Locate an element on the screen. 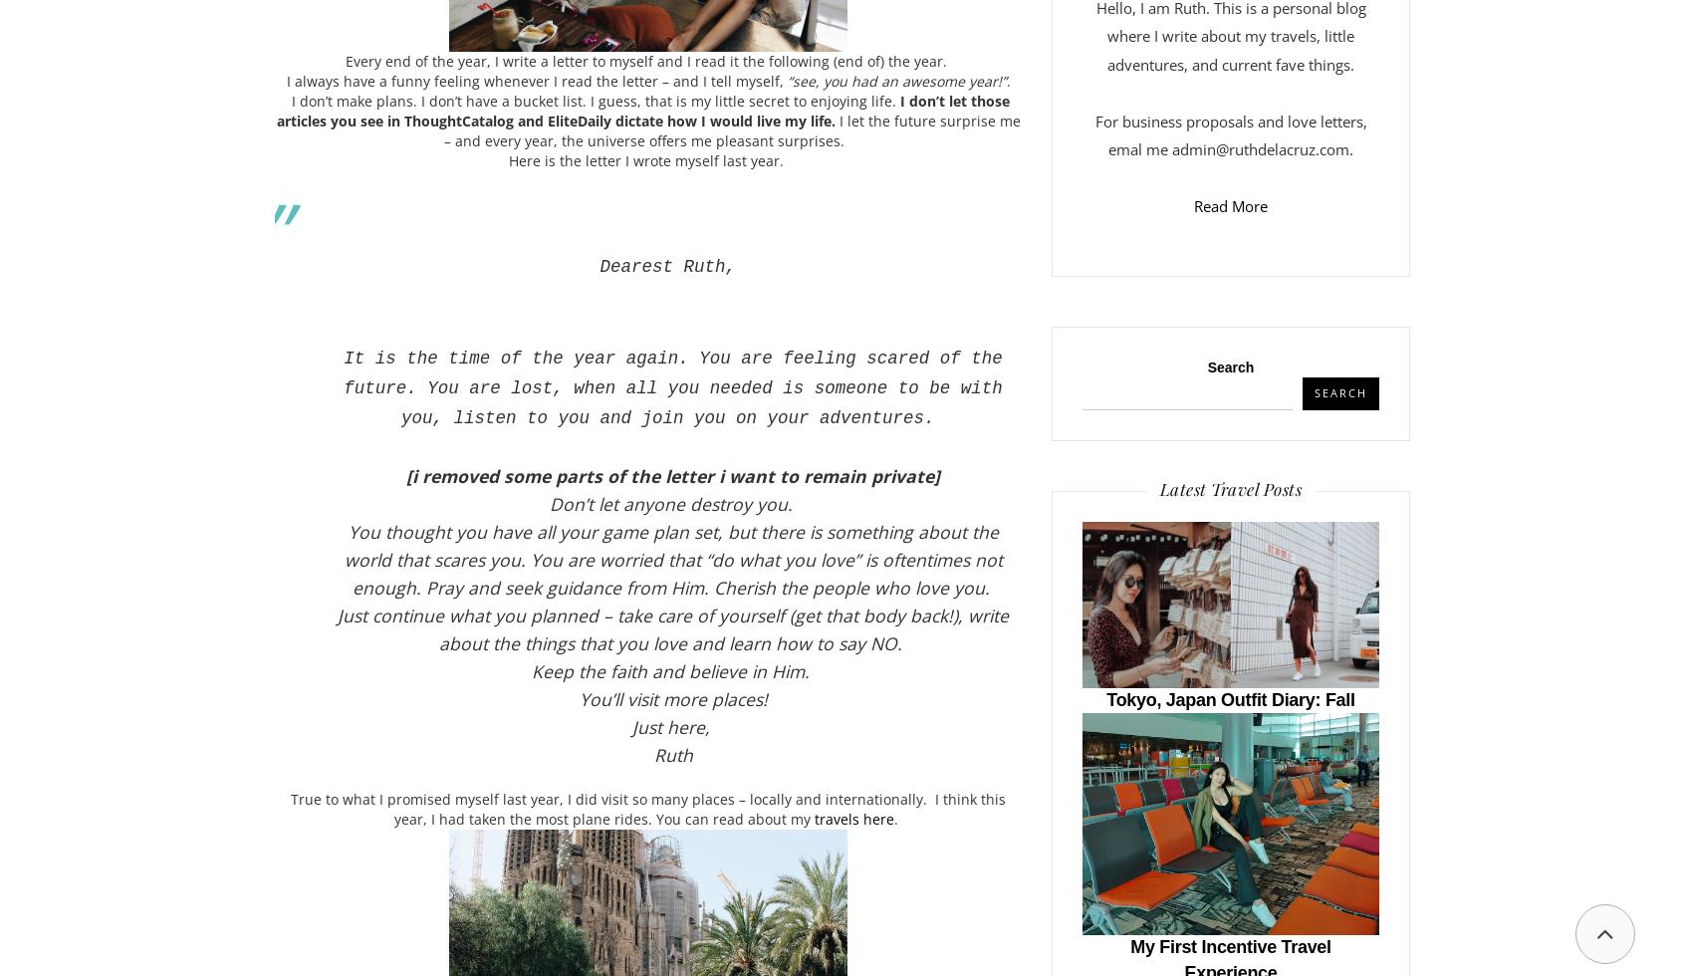 Image resolution: width=1685 pixels, height=976 pixels. 'For business proposals and love letters, emal me' is located at coordinates (1093, 134).